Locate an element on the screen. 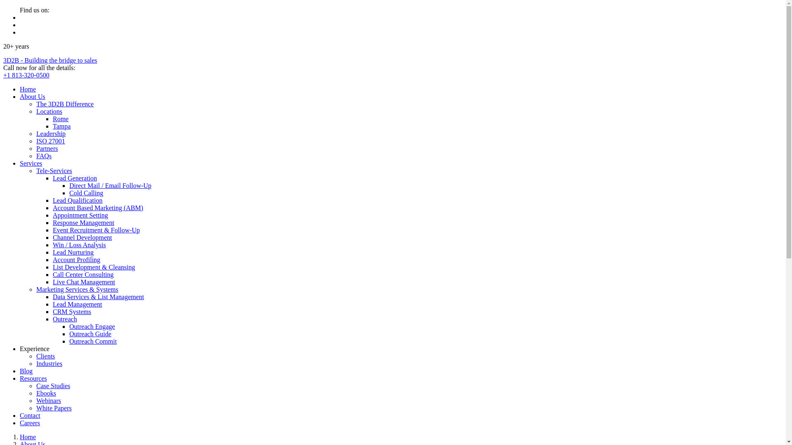 The image size is (792, 445). 'Webinars' is located at coordinates (35, 400).